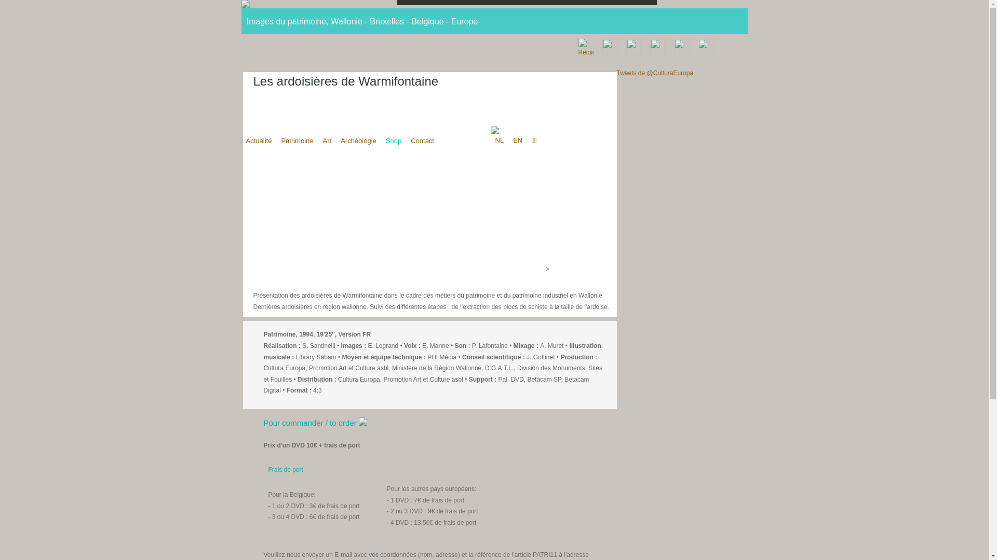  What do you see at coordinates (296, 141) in the screenshot?
I see `'Patrimoine'` at bounding box center [296, 141].